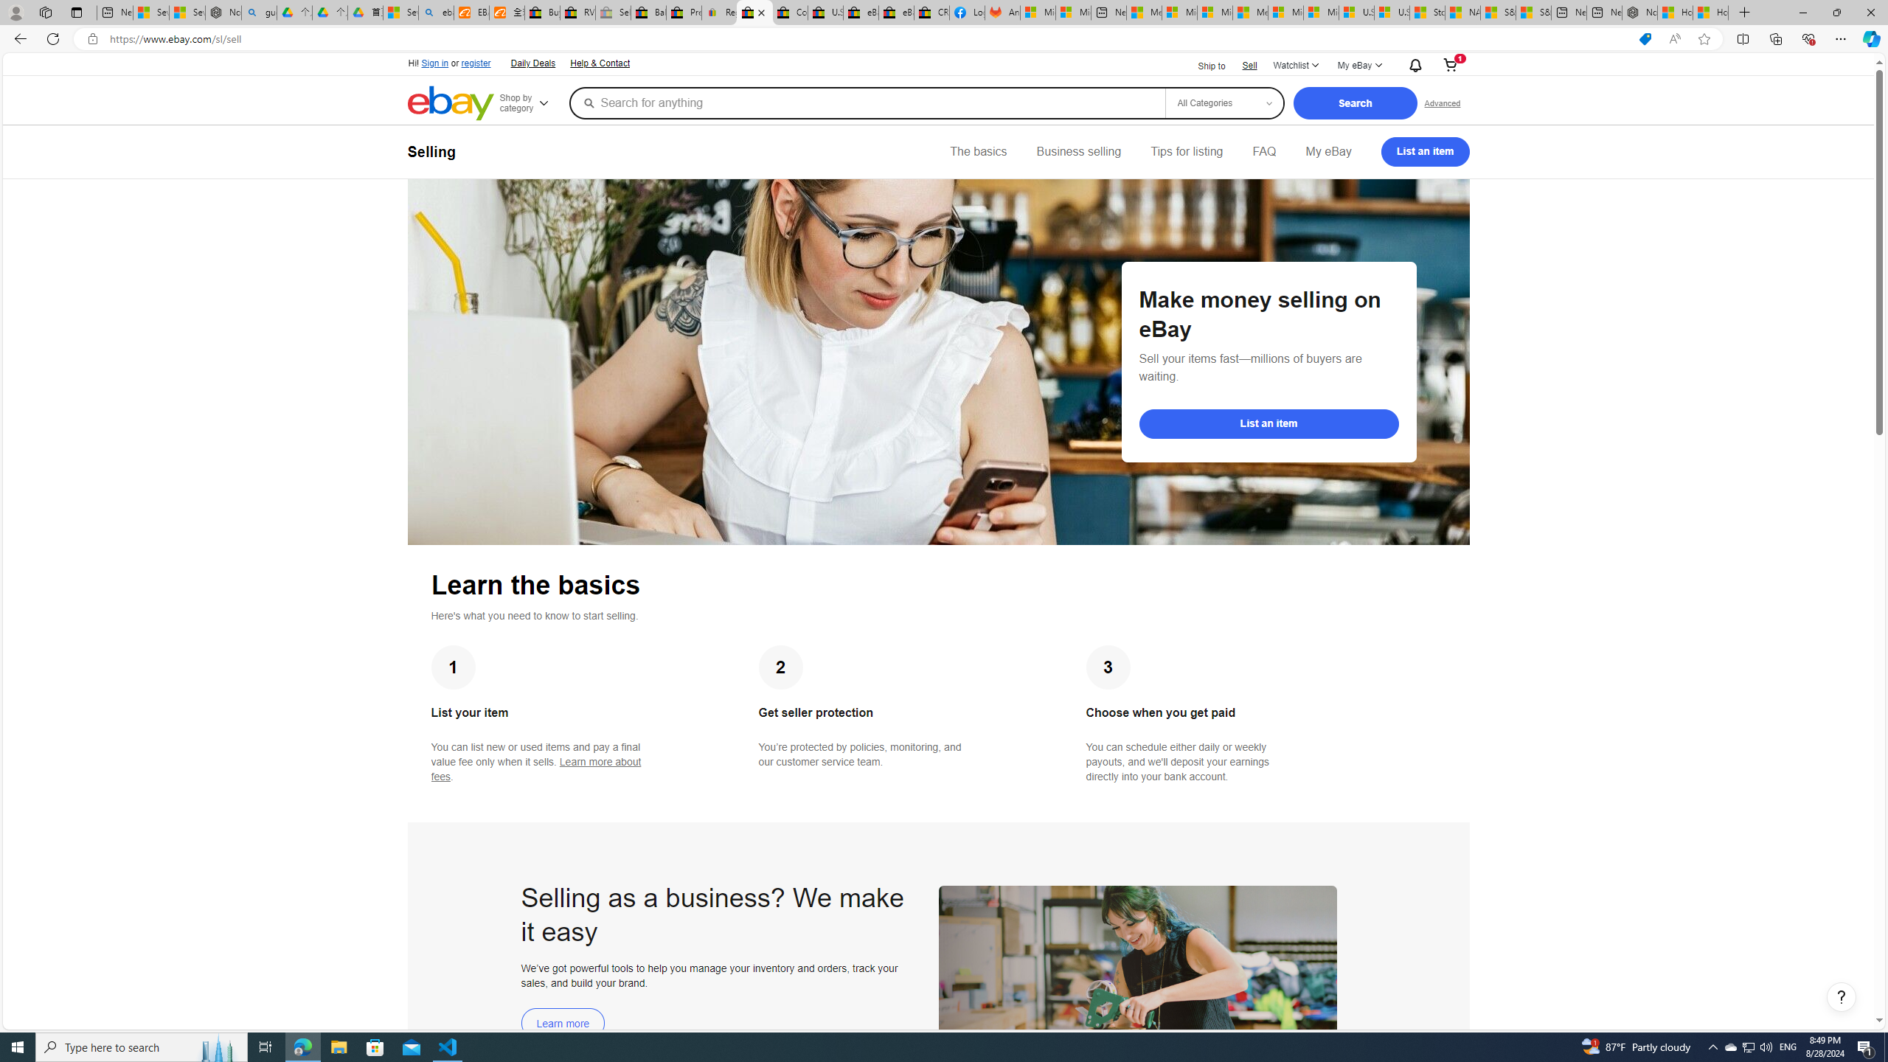  What do you see at coordinates (896, 12) in the screenshot?
I see `'eBay Inc. Reports Third Quarter 2023 Results'` at bounding box center [896, 12].